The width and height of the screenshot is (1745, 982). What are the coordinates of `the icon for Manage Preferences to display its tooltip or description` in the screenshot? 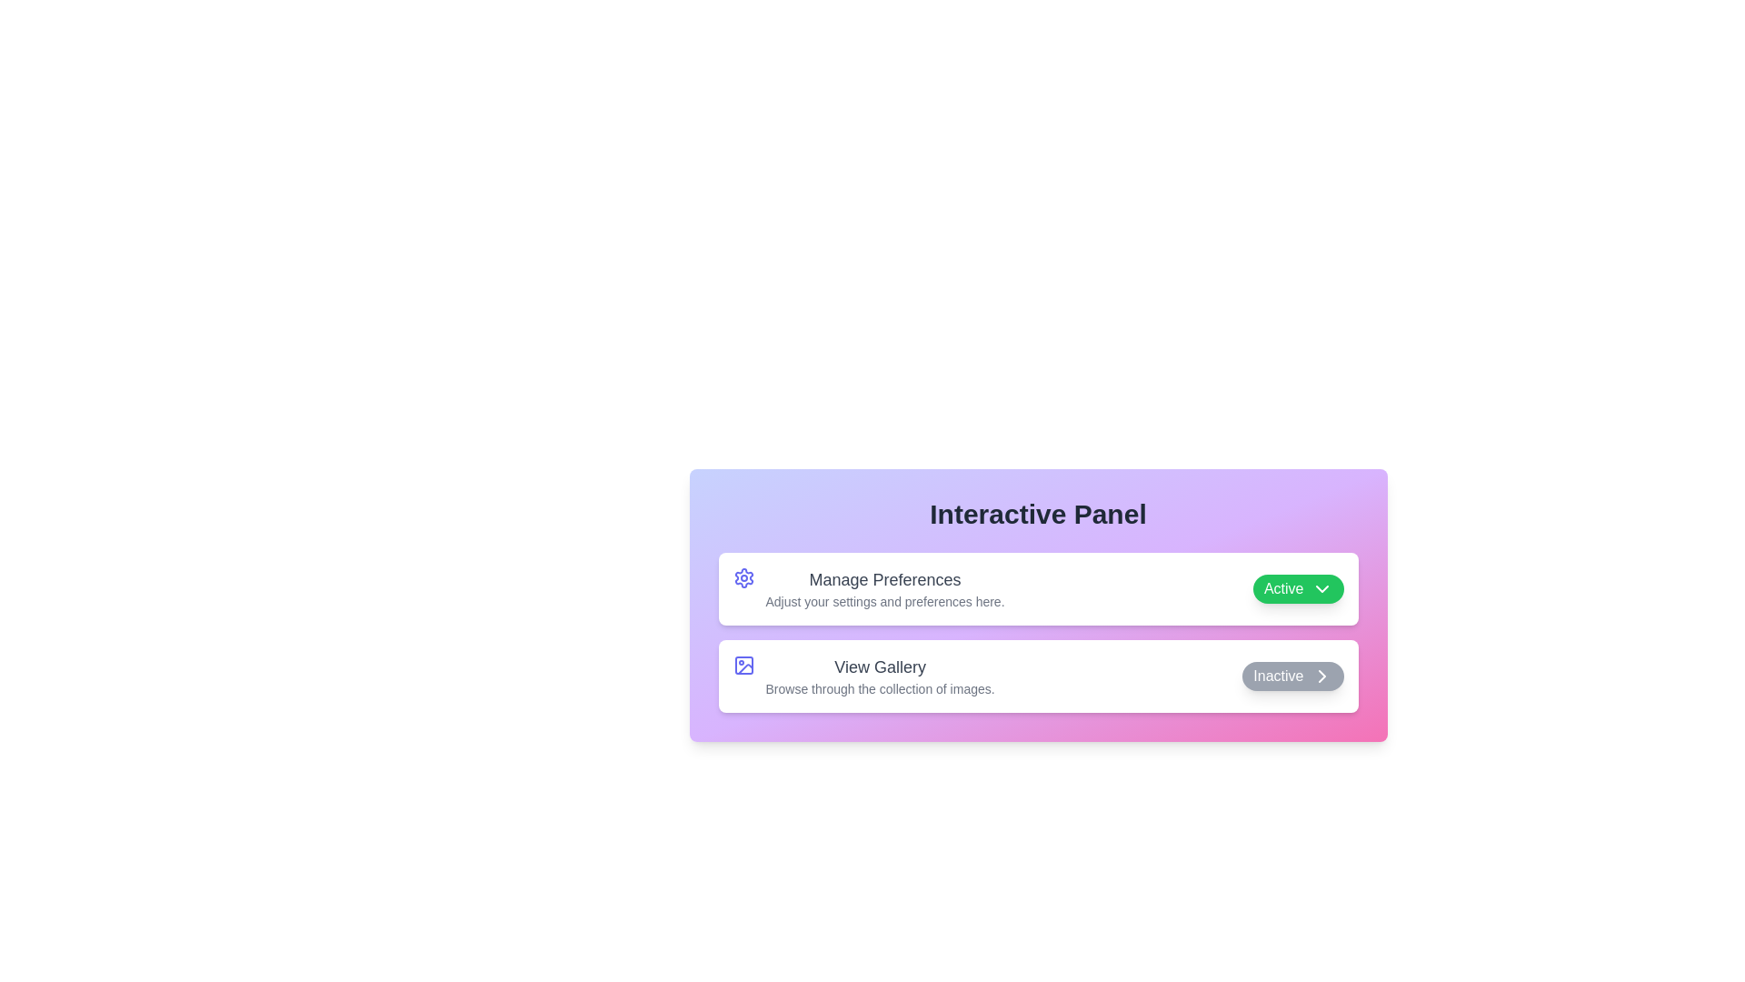 It's located at (743, 578).